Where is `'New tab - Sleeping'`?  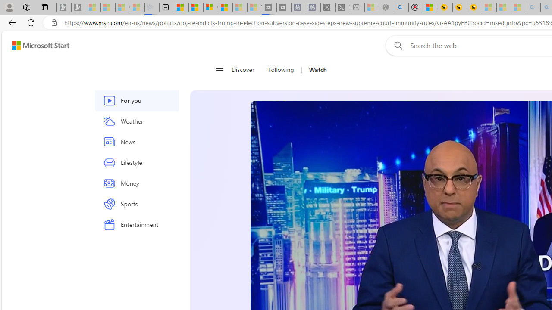
'New tab - Sleeping' is located at coordinates (357, 7).